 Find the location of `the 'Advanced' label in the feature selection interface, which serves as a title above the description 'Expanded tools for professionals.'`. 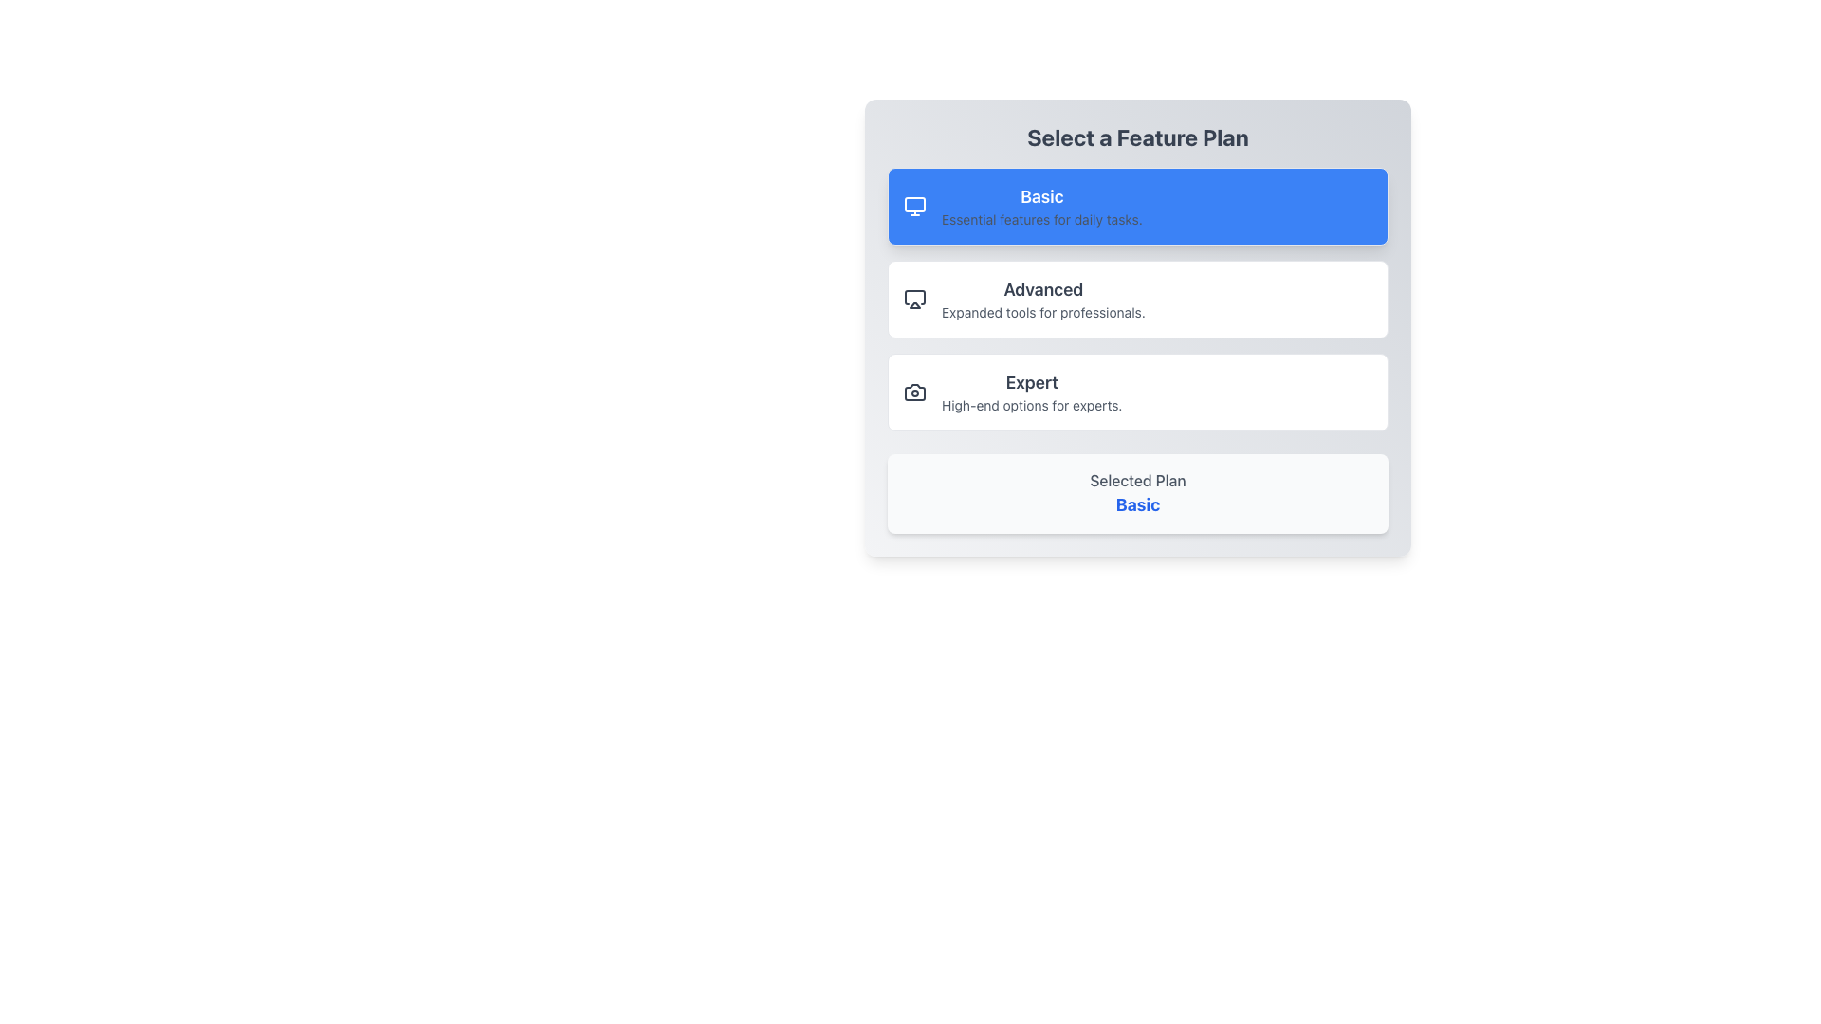

the 'Advanced' label in the feature selection interface, which serves as a title above the description 'Expanded tools for professionals.' is located at coordinates (1042, 289).